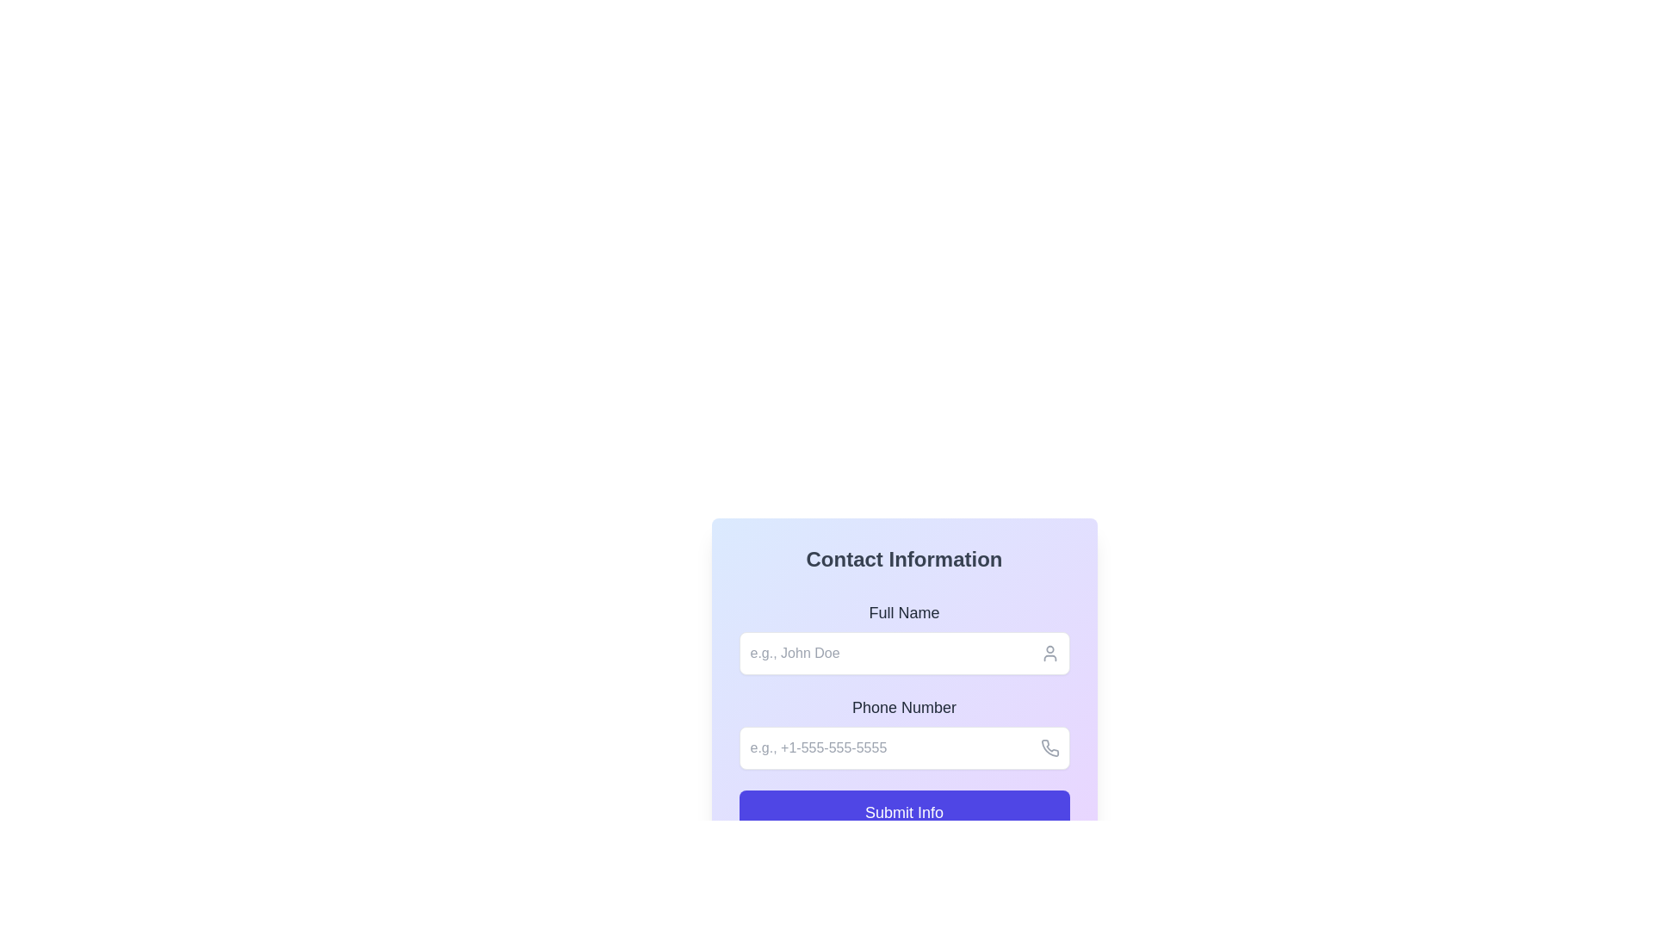  What do you see at coordinates (903, 612) in the screenshot?
I see `the 'Full Name' label, which is a bold gray text label located under the 'Contact Information' section, above the input box for the user's full name` at bounding box center [903, 612].